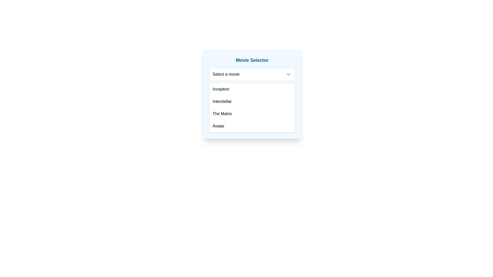 The width and height of the screenshot is (493, 277). I want to click on the 'Inception' movie option in the dropdown list titled 'Movie Selector', so click(252, 89).